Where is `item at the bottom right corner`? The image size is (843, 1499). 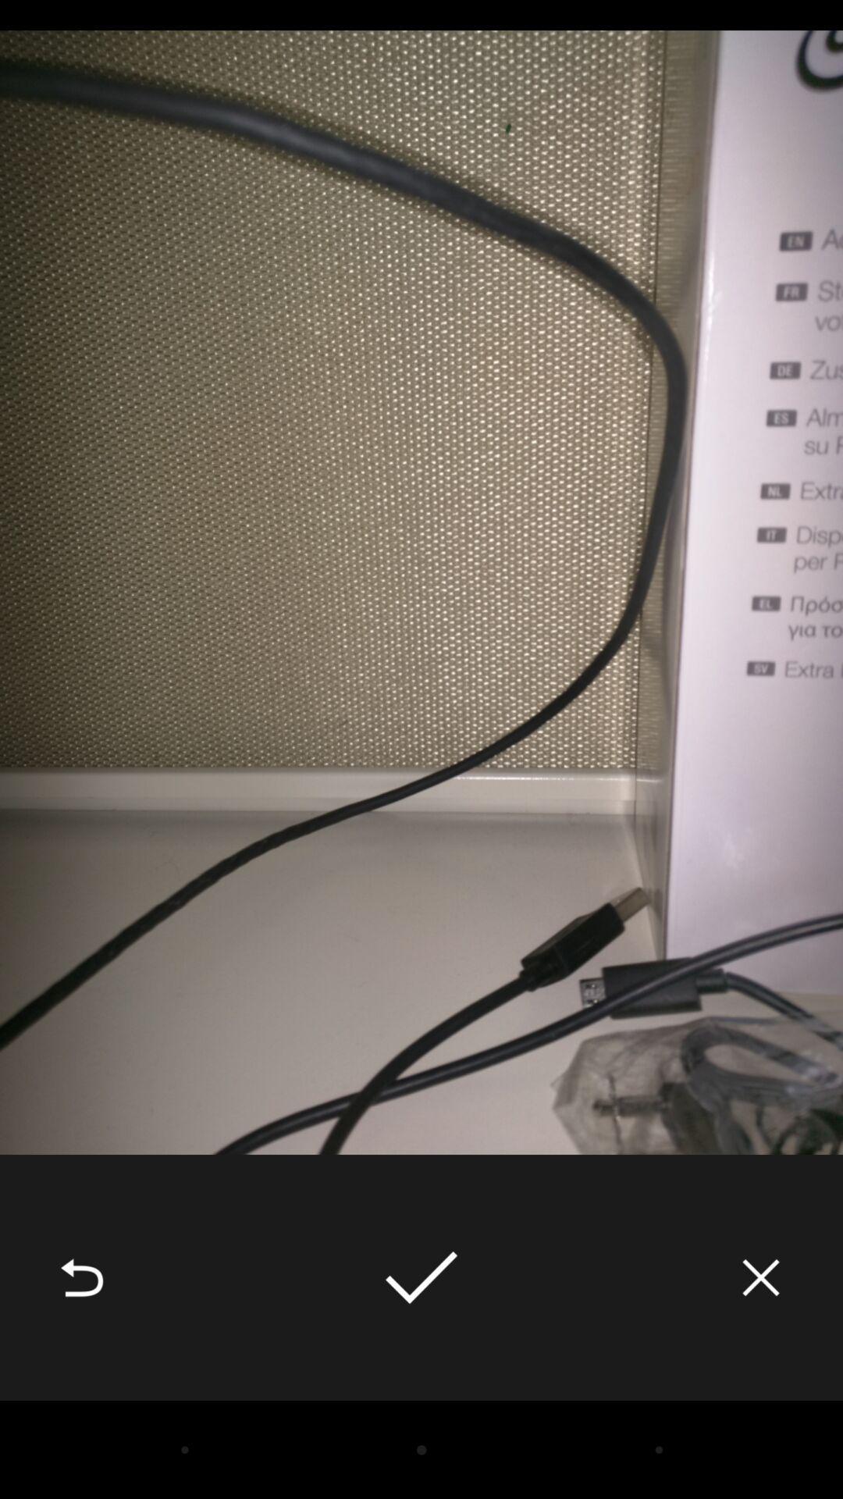
item at the bottom right corner is located at coordinates (760, 1277).